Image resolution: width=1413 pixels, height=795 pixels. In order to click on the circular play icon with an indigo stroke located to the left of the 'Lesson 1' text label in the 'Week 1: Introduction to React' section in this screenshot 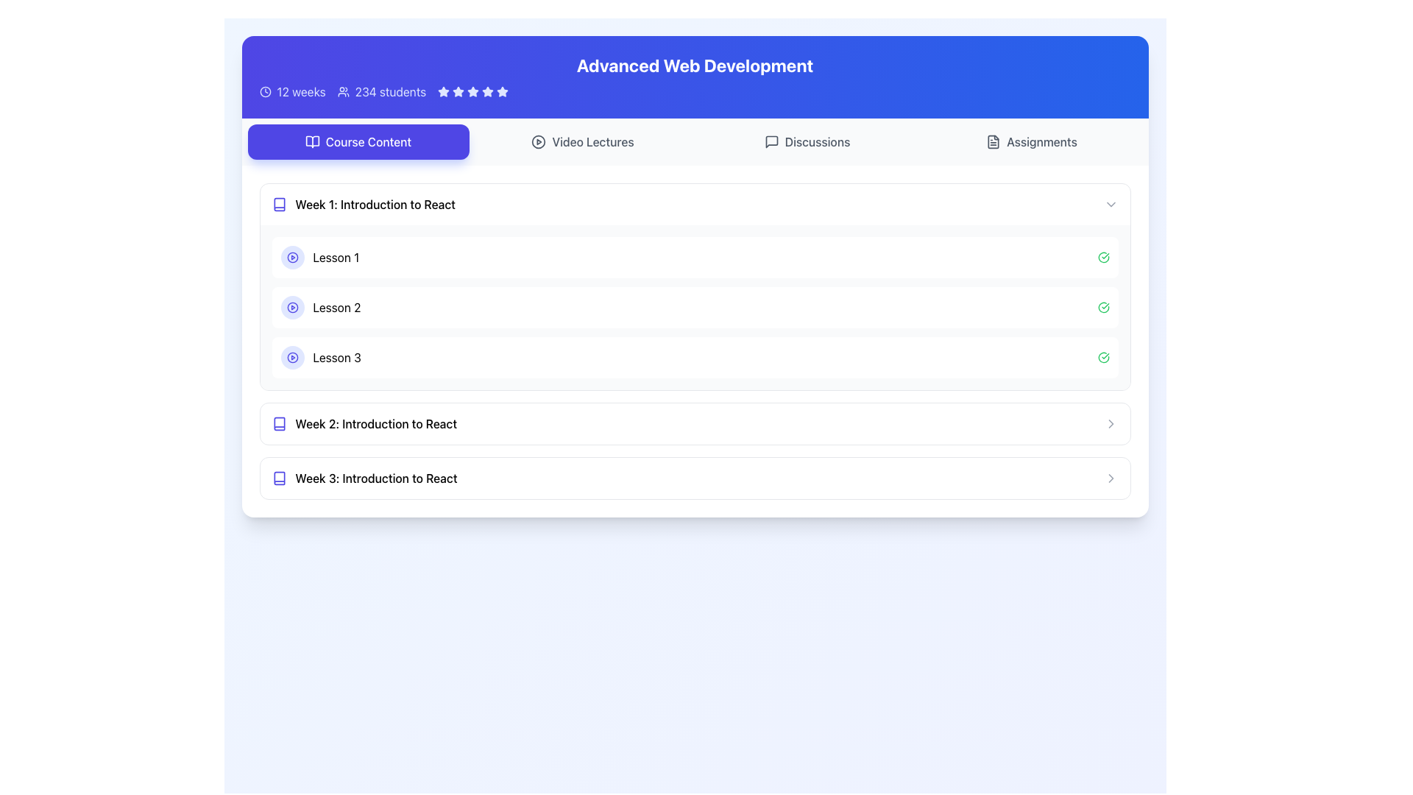, I will do `click(292, 257)`.